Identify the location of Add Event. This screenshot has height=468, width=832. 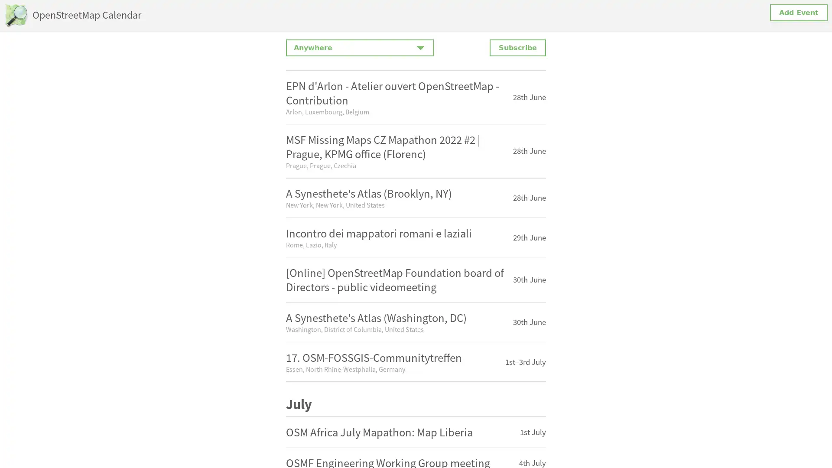
(798, 13).